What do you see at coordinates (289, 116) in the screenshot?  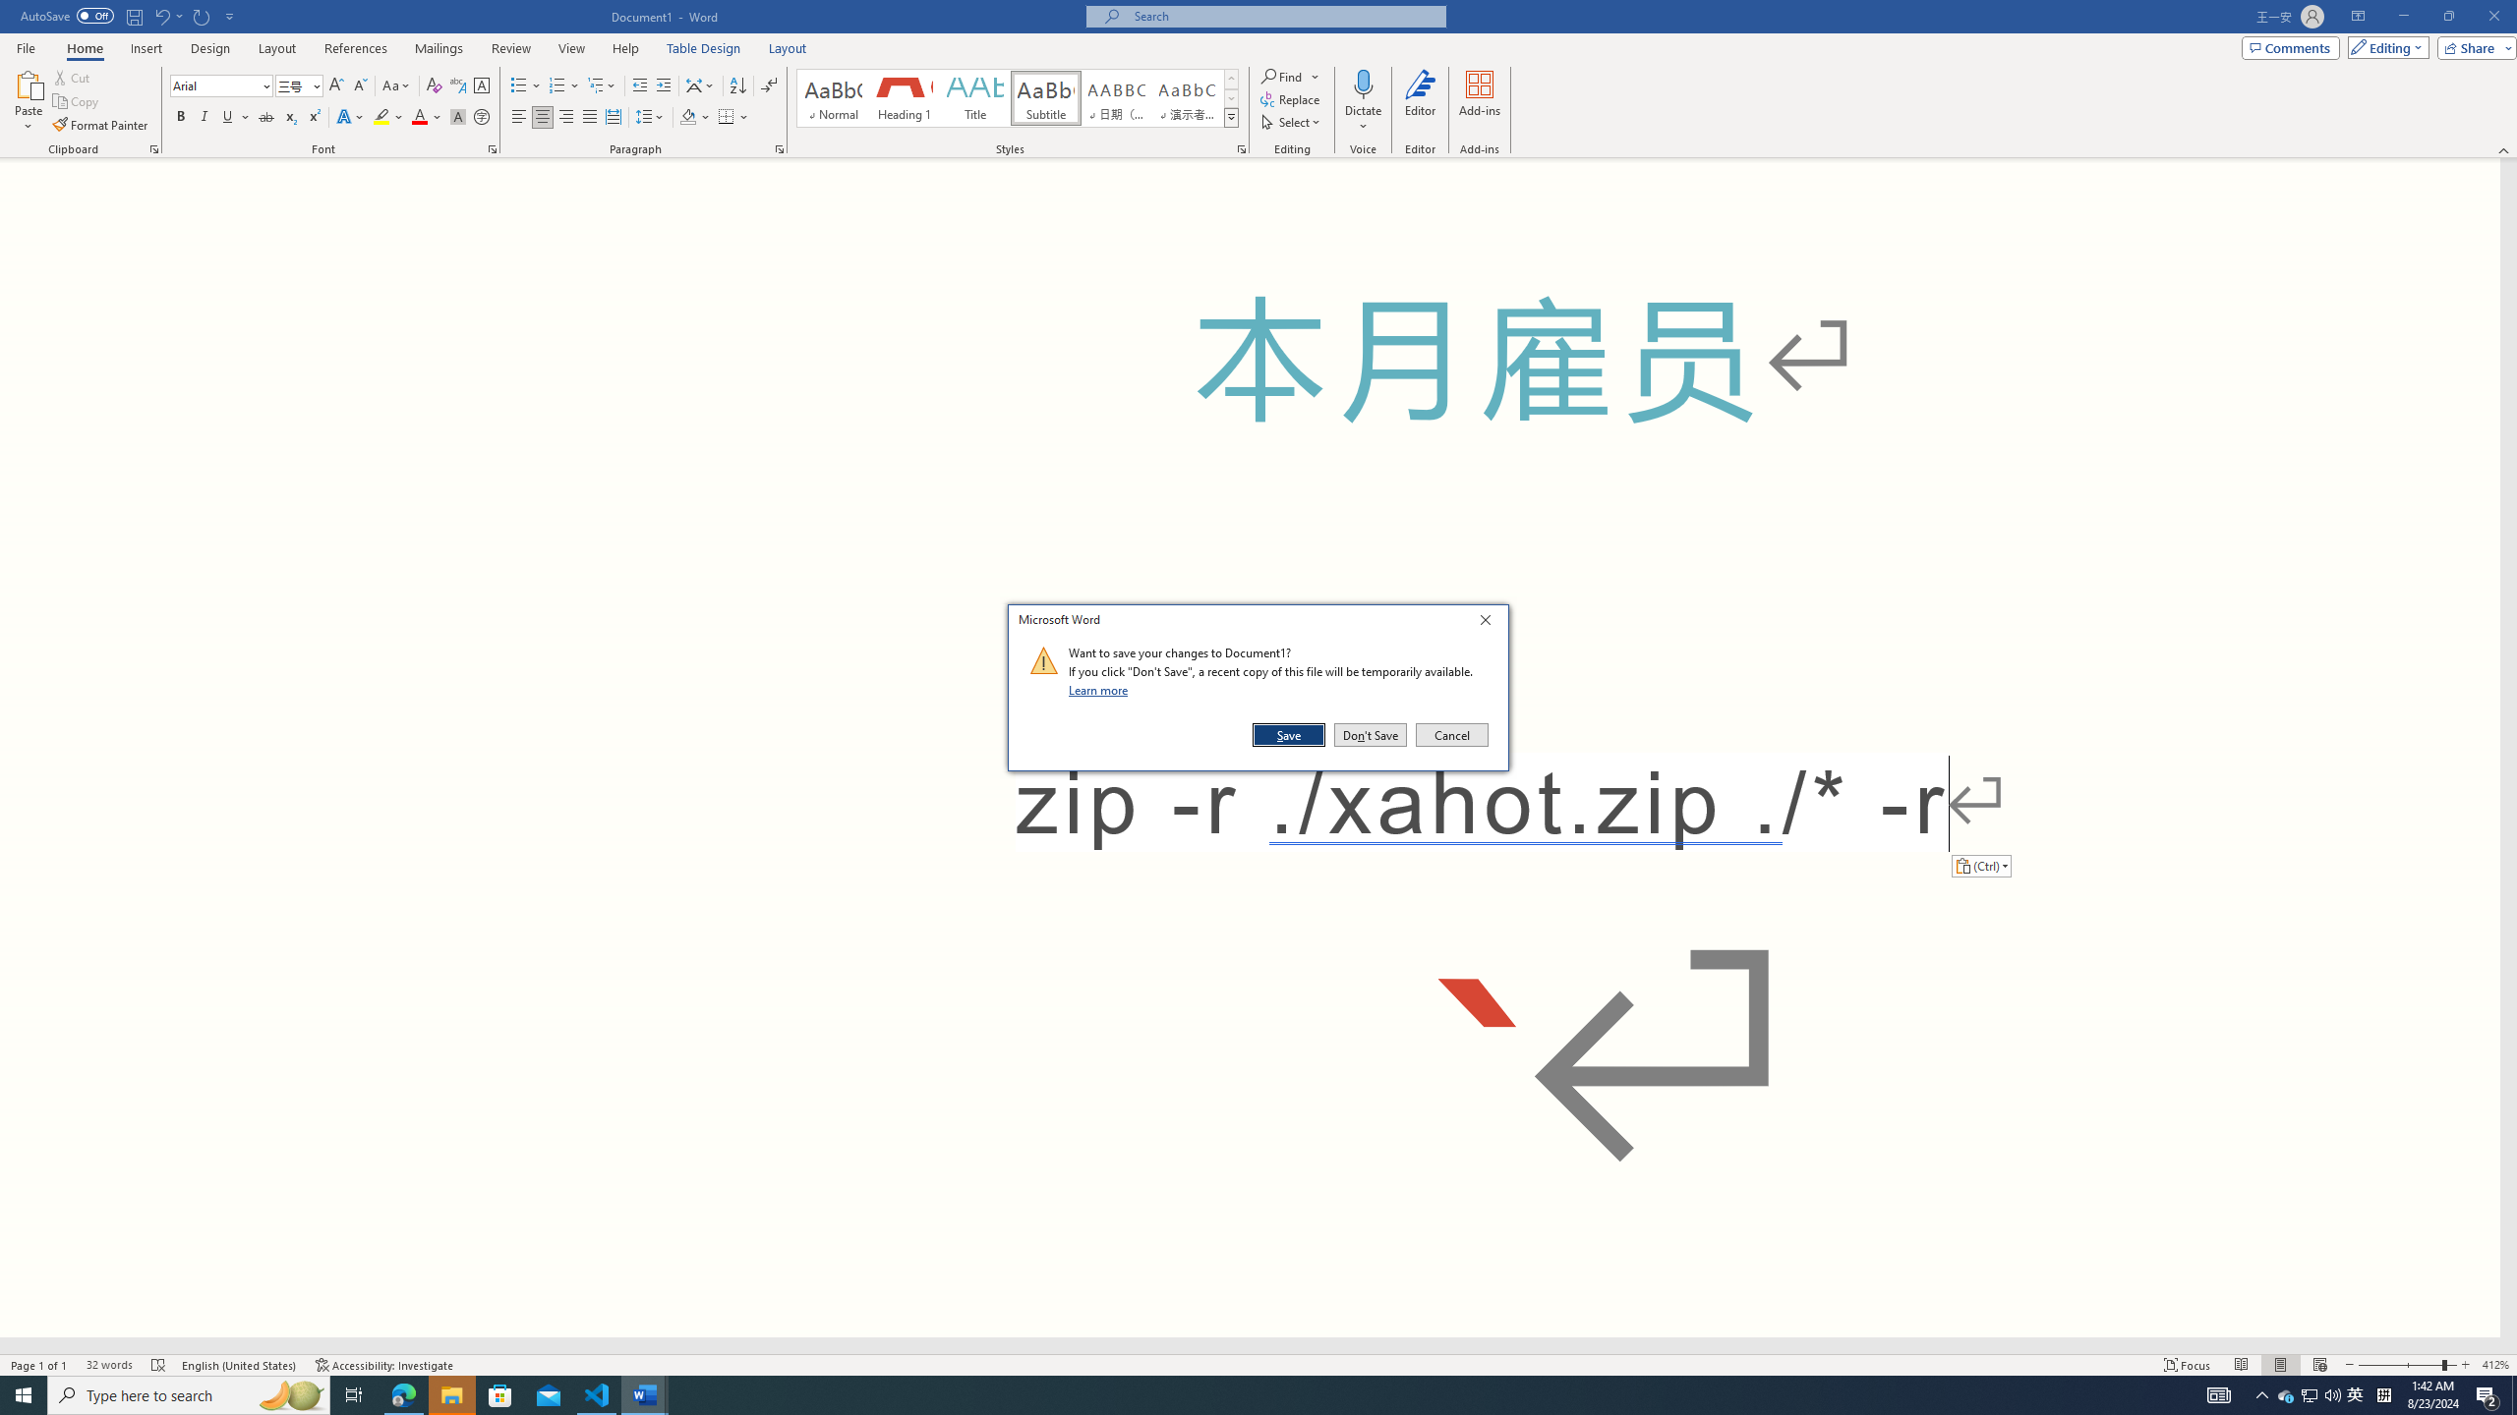 I see `'Subscript'` at bounding box center [289, 116].